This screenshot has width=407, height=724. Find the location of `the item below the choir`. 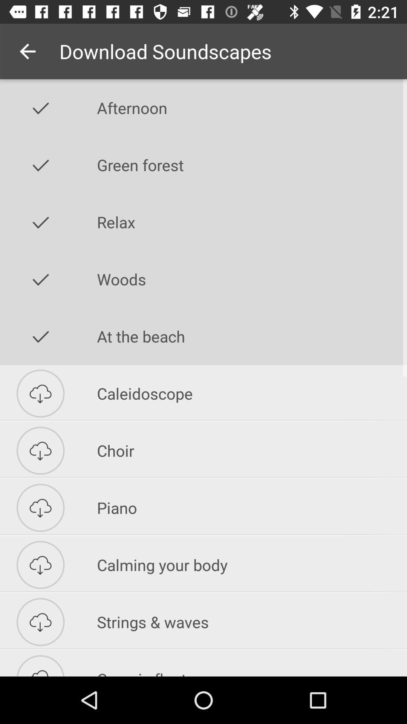

the item below the choir is located at coordinates (252, 508).